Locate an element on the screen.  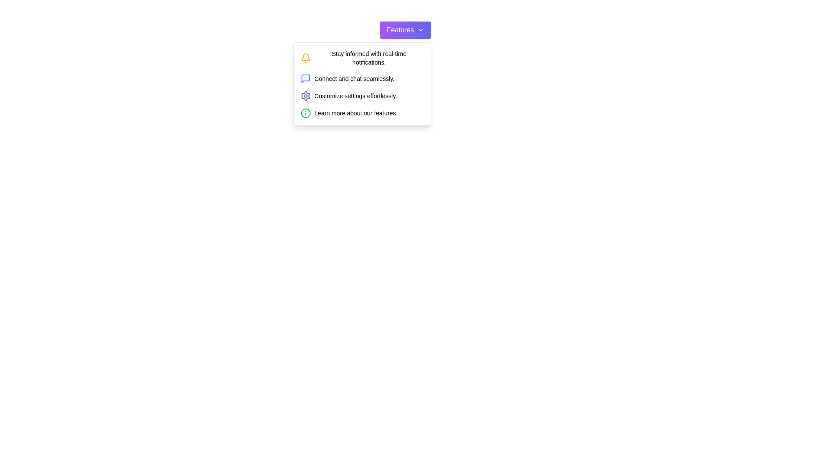
the blue speech bubble icon that is part of a vertical list of icons and texts, located in the right section of a dropdown-style informational card is located at coordinates (306, 78).